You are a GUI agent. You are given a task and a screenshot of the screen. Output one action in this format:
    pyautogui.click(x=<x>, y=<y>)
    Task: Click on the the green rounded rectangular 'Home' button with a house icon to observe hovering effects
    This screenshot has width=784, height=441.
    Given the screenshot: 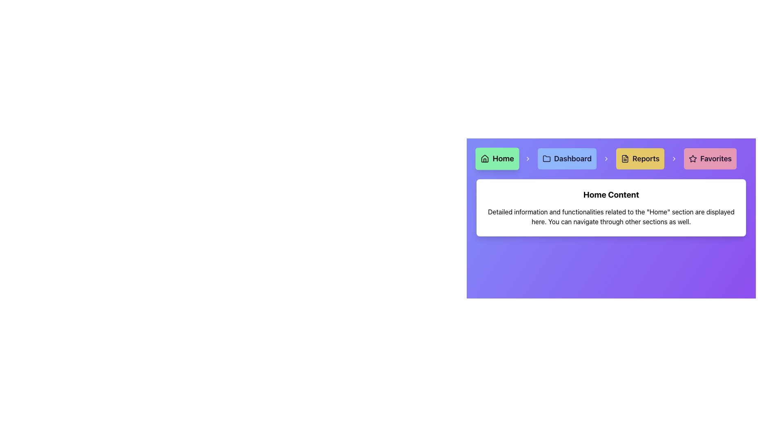 What is the action you would take?
    pyautogui.click(x=497, y=159)
    